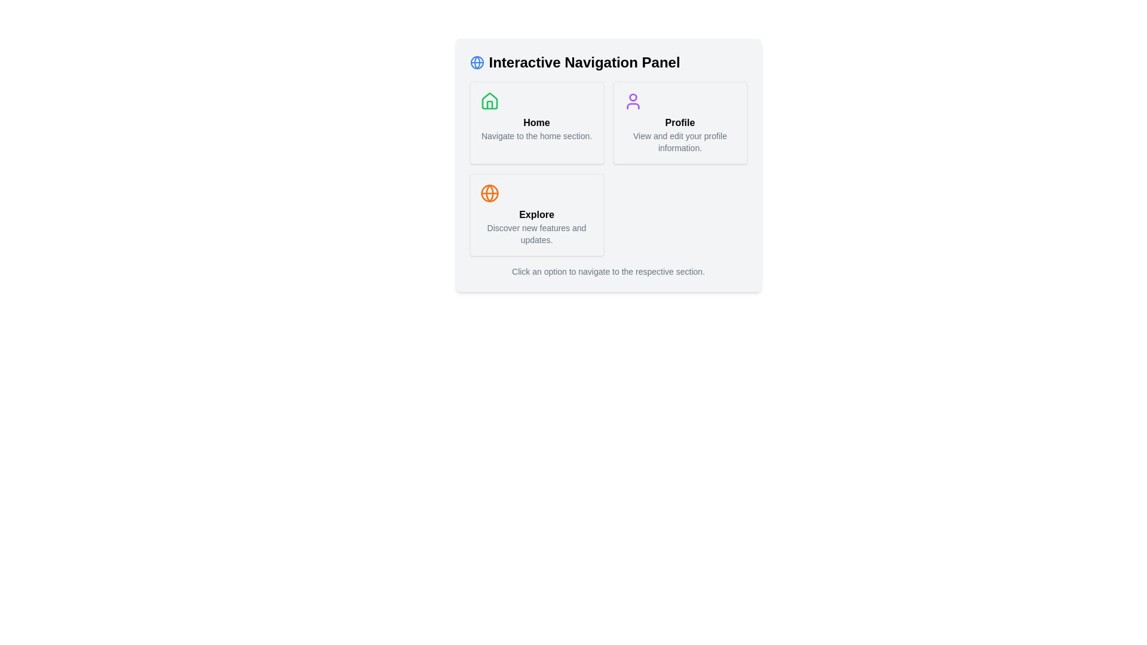 This screenshot has height=645, width=1147. What do you see at coordinates (680, 142) in the screenshot?
I see `the label that contains the text 'View and edit your profile information.' located in the lower section of the 'Profile' card` at bounding box center [680, 142].